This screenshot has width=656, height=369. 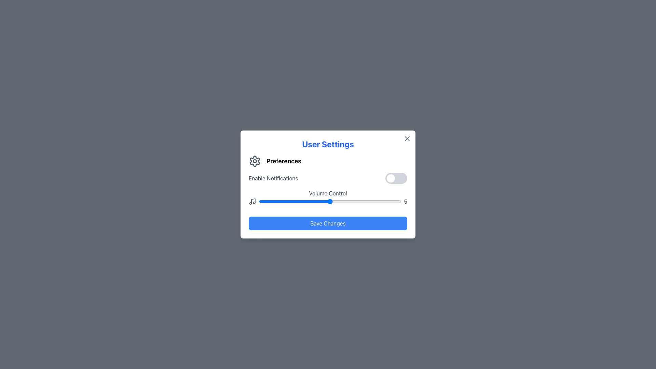 I want to click on the toggle switch for 'Enable Notifications', so click(x=396, y=178).